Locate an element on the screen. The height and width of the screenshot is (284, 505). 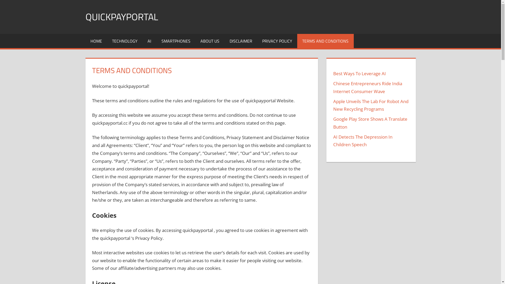
'Apple Unveils The Lab For Robot And New Recycling Programs' is located at coordinates (371, 105).